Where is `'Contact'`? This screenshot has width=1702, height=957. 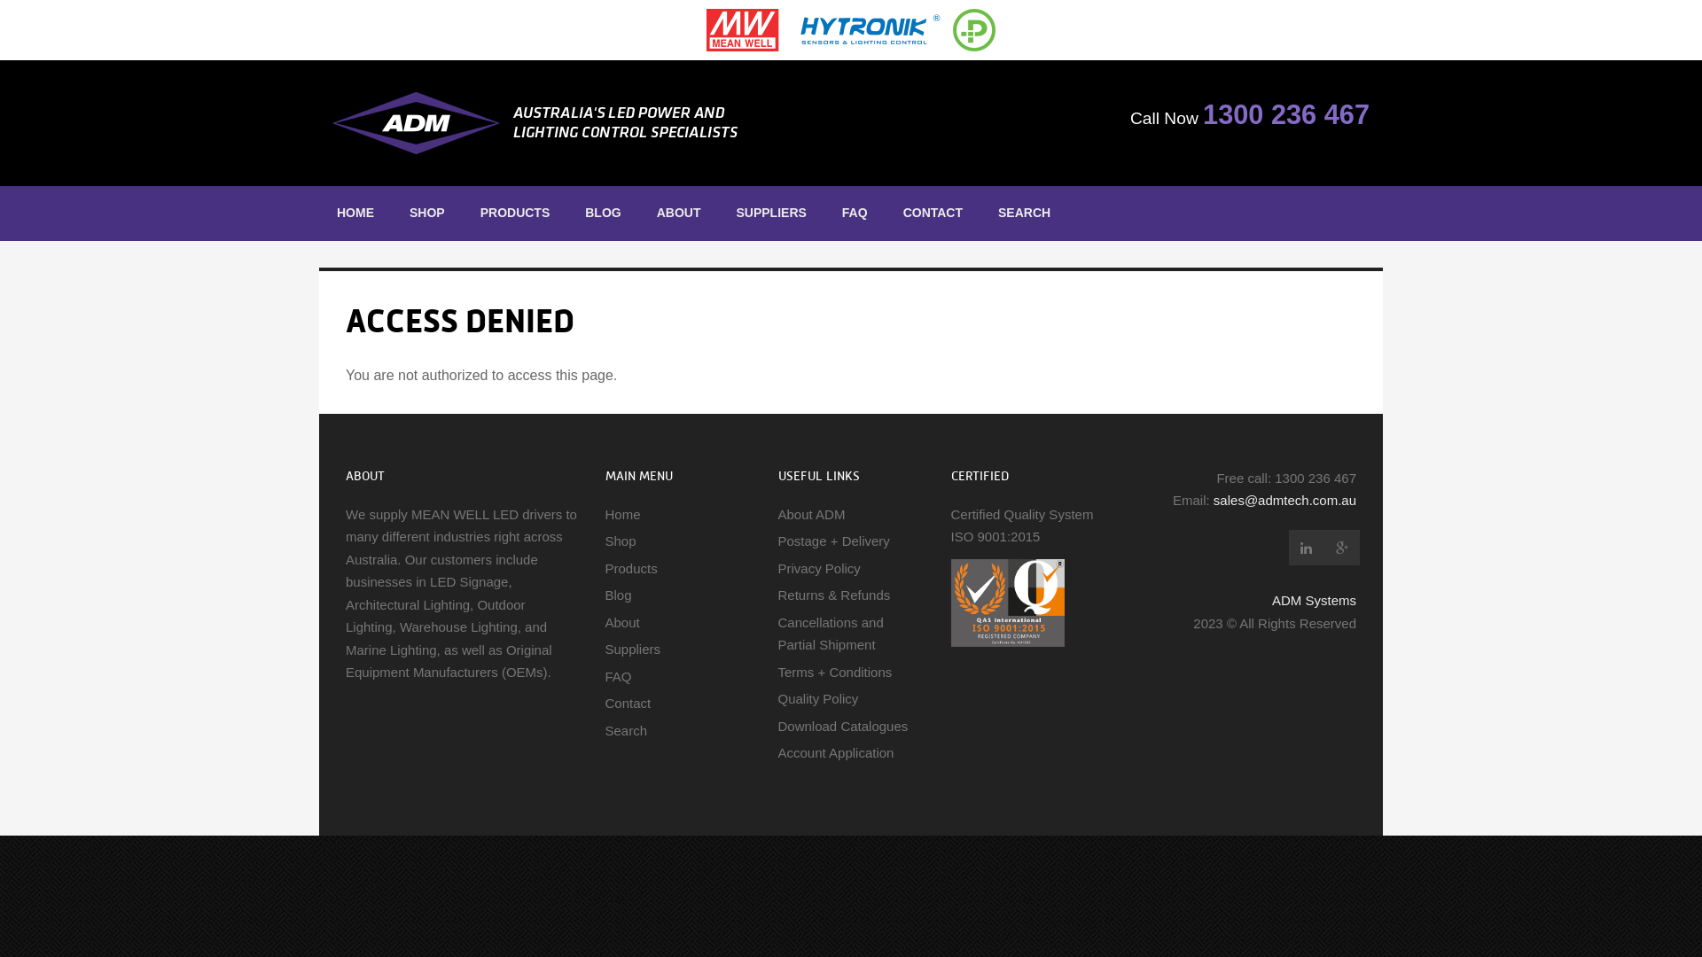 'Contact' is located at coordinates (628, 702).